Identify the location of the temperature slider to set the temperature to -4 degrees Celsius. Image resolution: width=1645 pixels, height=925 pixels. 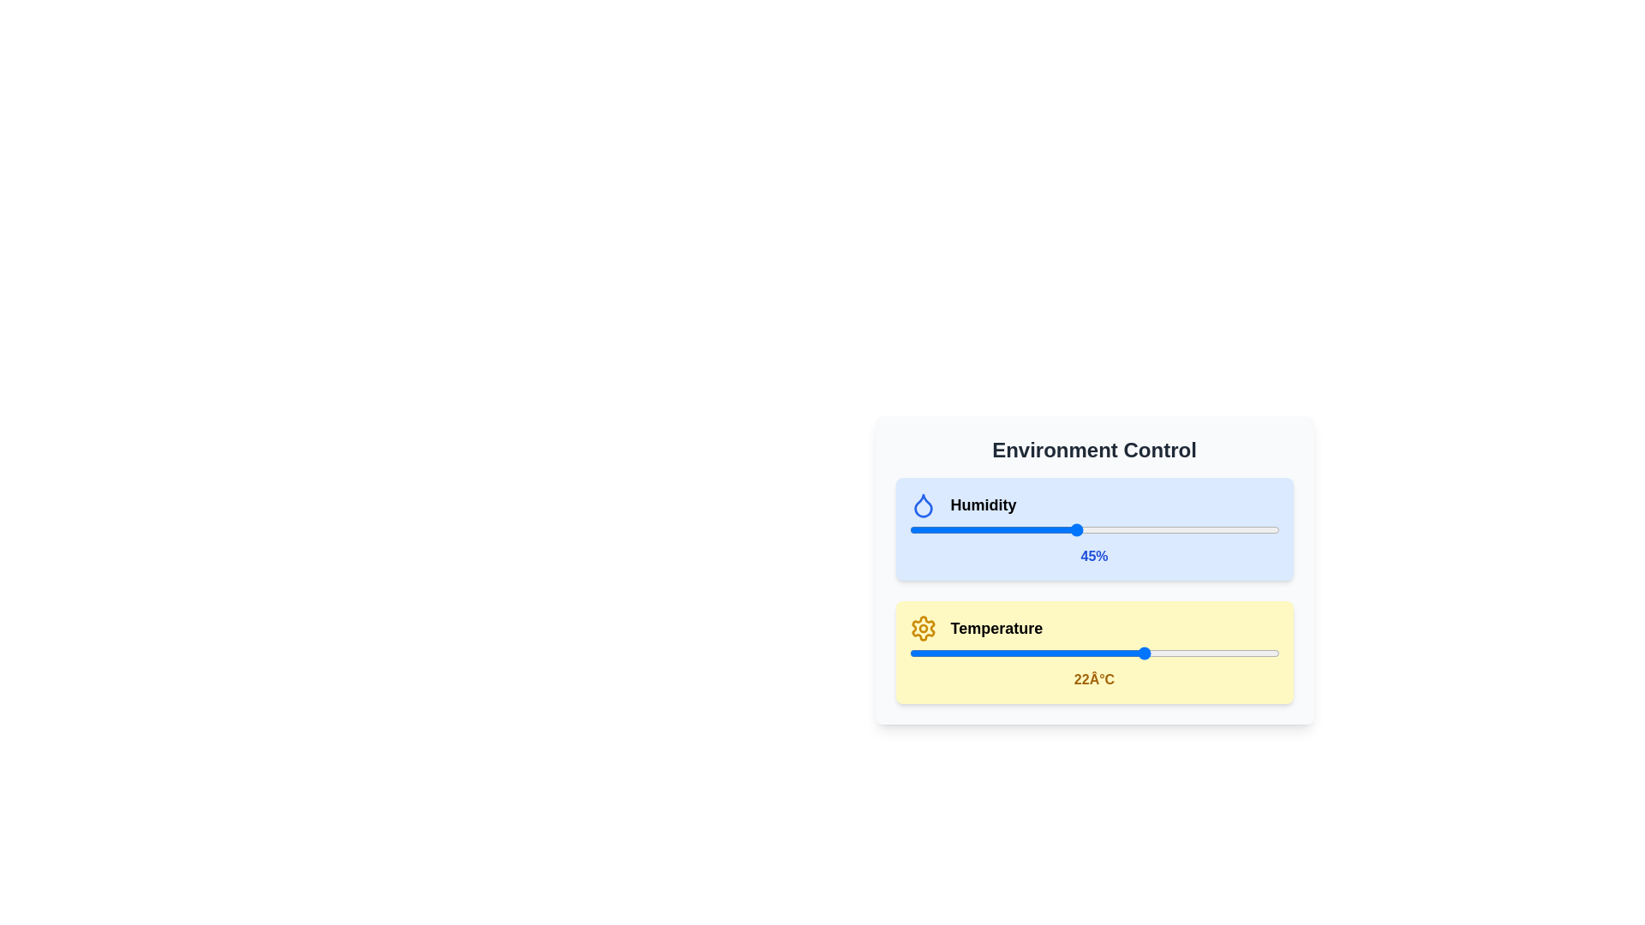
(953, 653).